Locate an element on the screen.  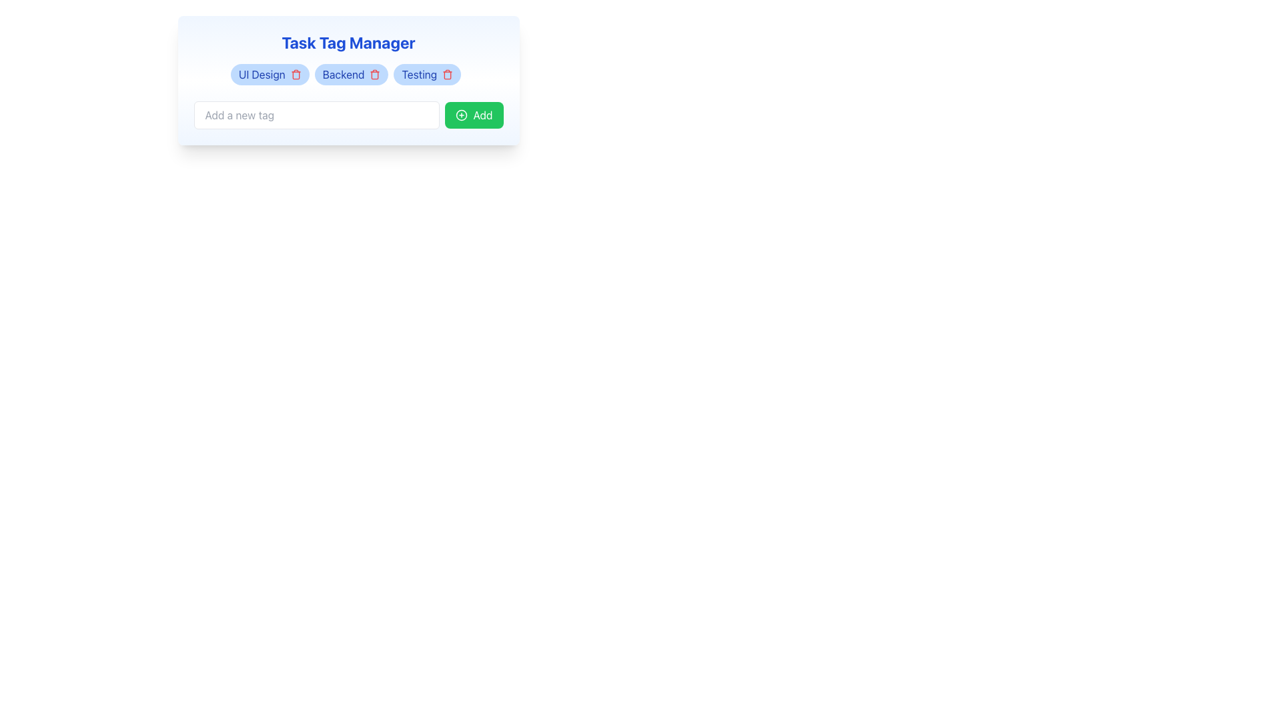
the delete icon button located at the right end of the 'Testing' button in the Task Tag Manager is located at coordinates (448, 74).